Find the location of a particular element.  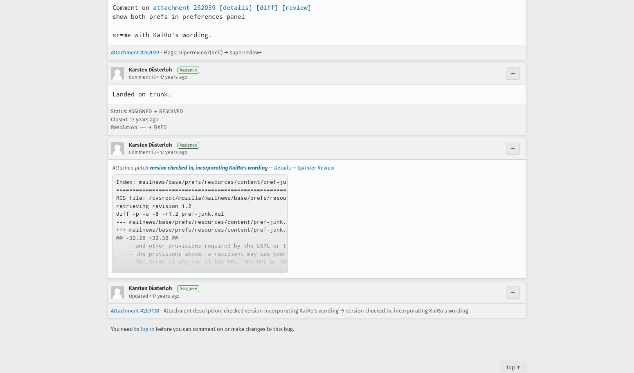

'Closed:' is located at coordinates (120, 118).